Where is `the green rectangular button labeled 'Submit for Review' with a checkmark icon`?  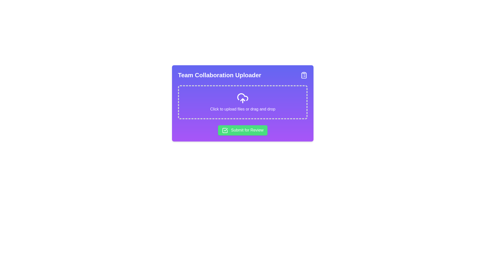
the green rectangular button labeled 'Submit for Review' with a checkmark icon is located at coordinates (242, 130).